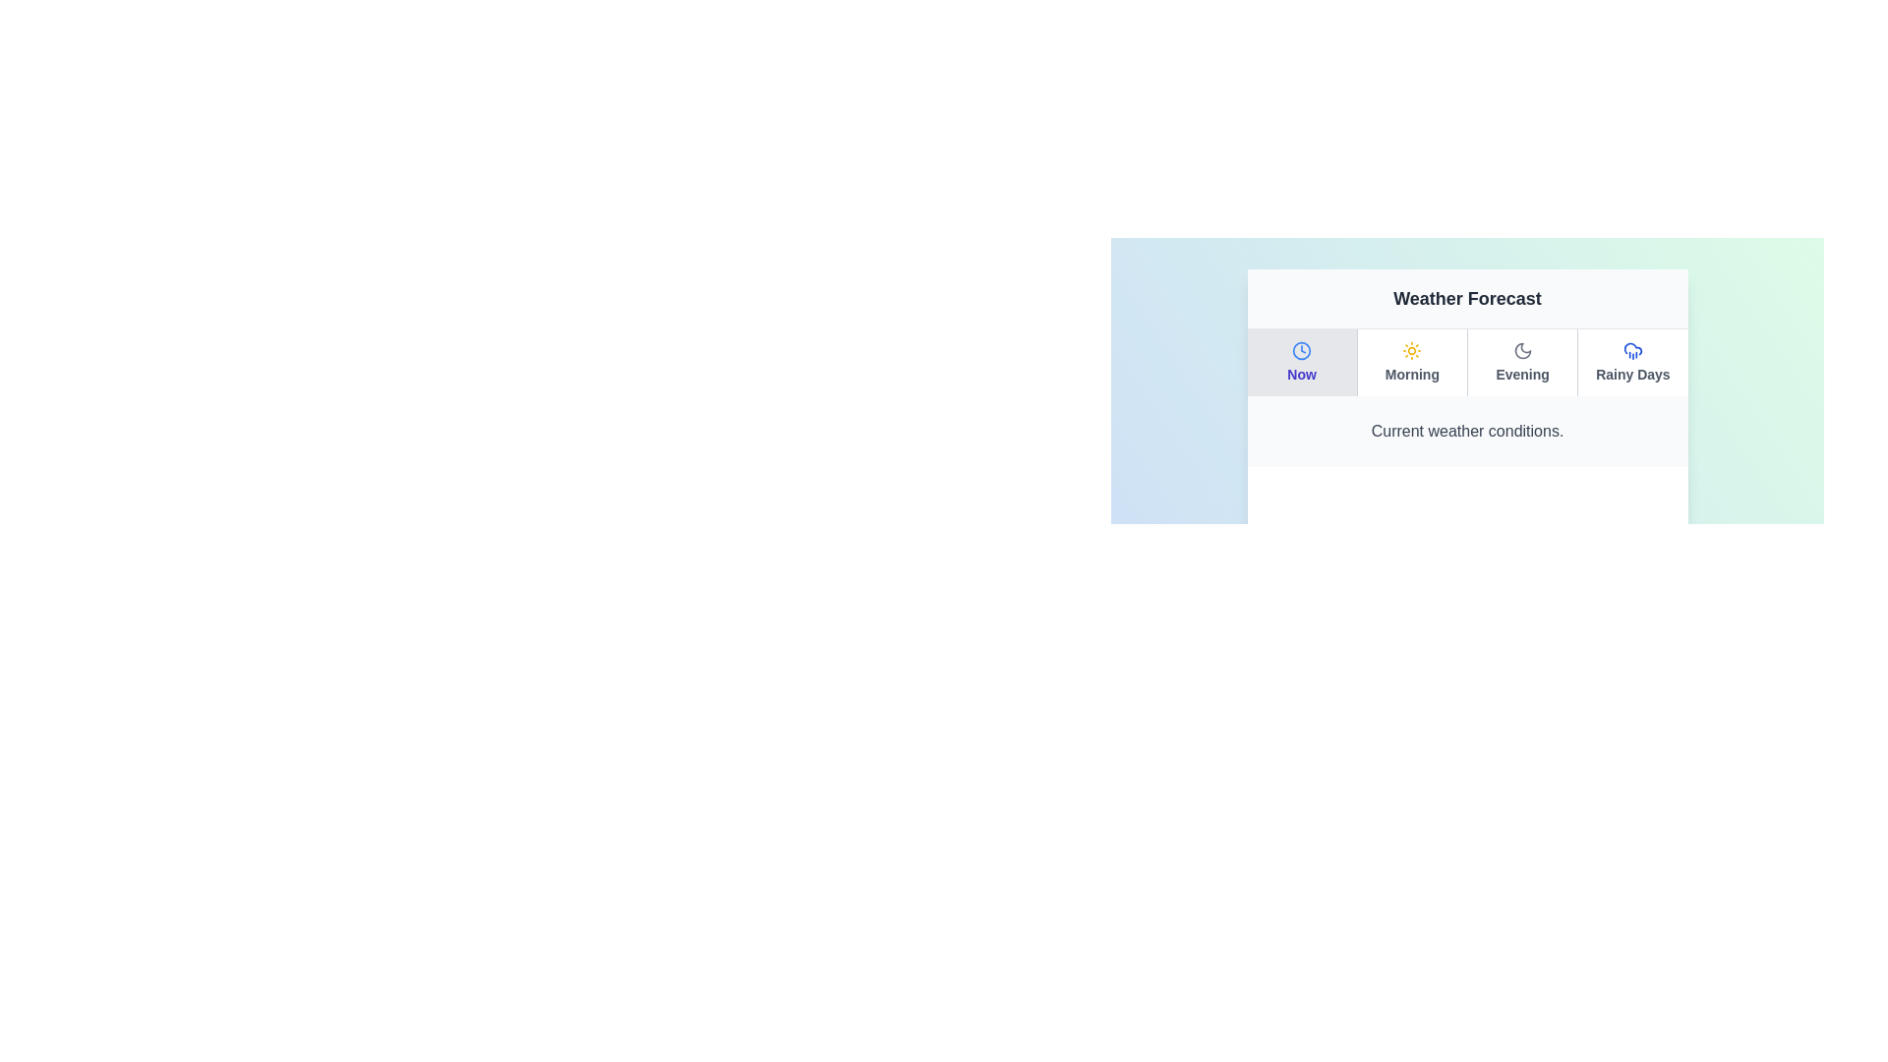 The height and width of the screenshot is (1062, 1888). Describe the element at coordinates (1302, 350) in the screenshot. I see `the clock icon that visually represents the 'Now' label, positioned in the top-left section of the horizontally-aligned menu` at that location.